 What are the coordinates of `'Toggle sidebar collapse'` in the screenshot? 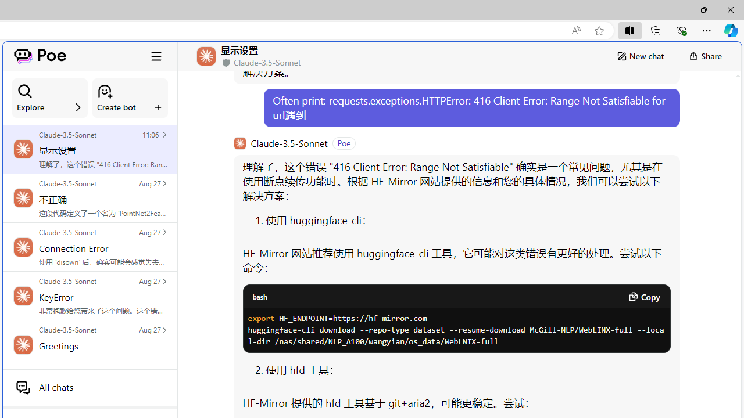 It's located at (156, 56).